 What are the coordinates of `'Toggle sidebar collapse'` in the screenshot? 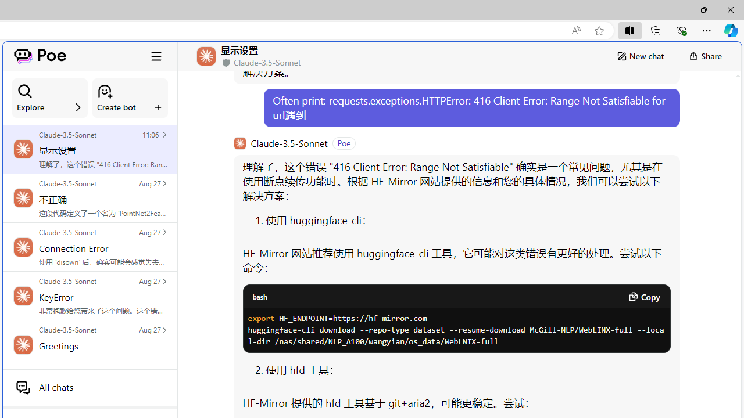 It's located at (156, 56).